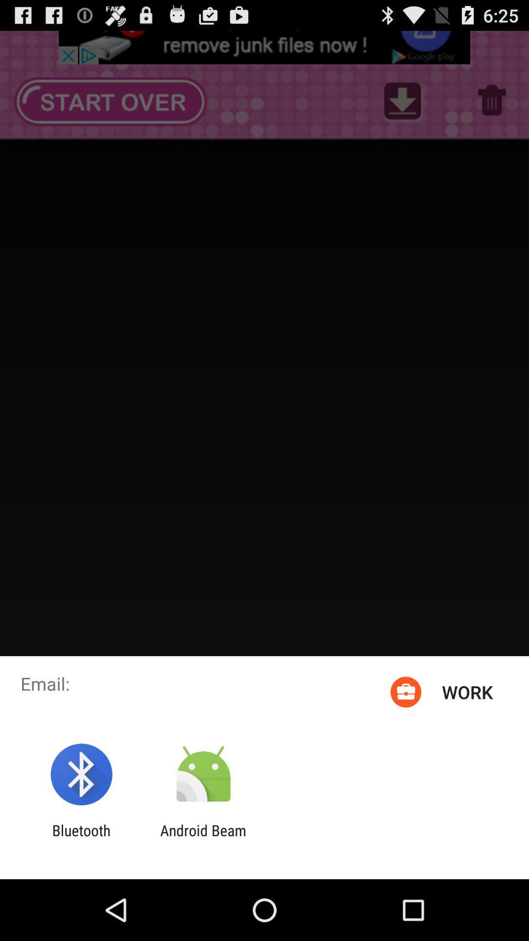 The height and width of the screenshot is (941, 529). What do you see at coordinates (203, 839) in the screenshot?
I see `the app next to the bluetooth item` at bounding box center [203, 839].